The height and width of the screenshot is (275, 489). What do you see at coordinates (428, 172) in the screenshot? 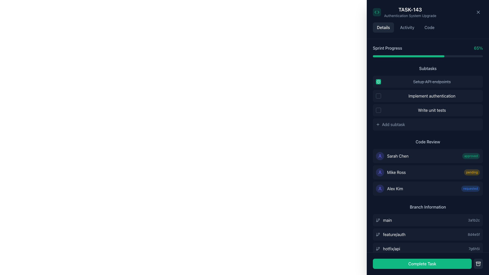
I see `the list item displaying 'Mike Ross'` at bounding box center [428, 172].